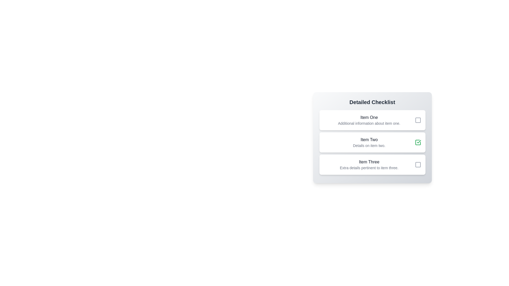 The image size is (509, 286). Describe the element at coordinates (369, 146) in the screenshot. I see `the text label that reads 'Details on item two.' which is styled in small gray font and located directly below the 'Item Two' title` at that location.